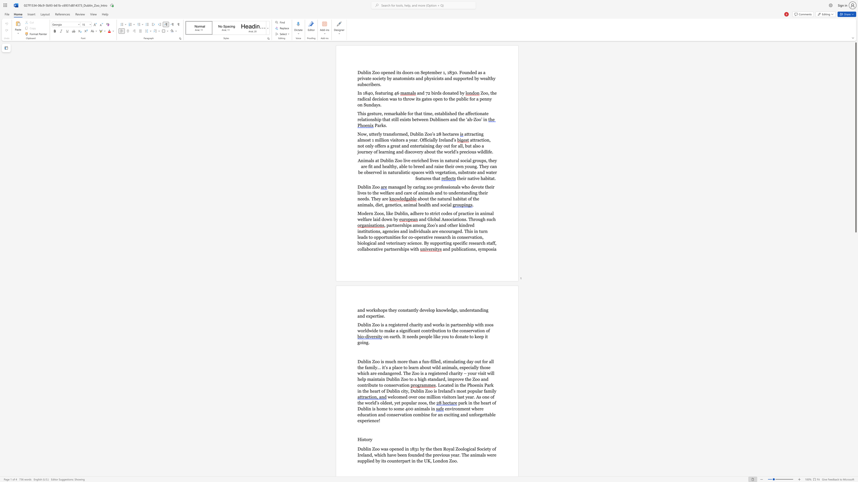 This screenshot has width=858, height=482. What do you see at coordinates (446, 172) in the screenshot?
I see `the 4th character "a" in the text` at bounding box center [446, 172].